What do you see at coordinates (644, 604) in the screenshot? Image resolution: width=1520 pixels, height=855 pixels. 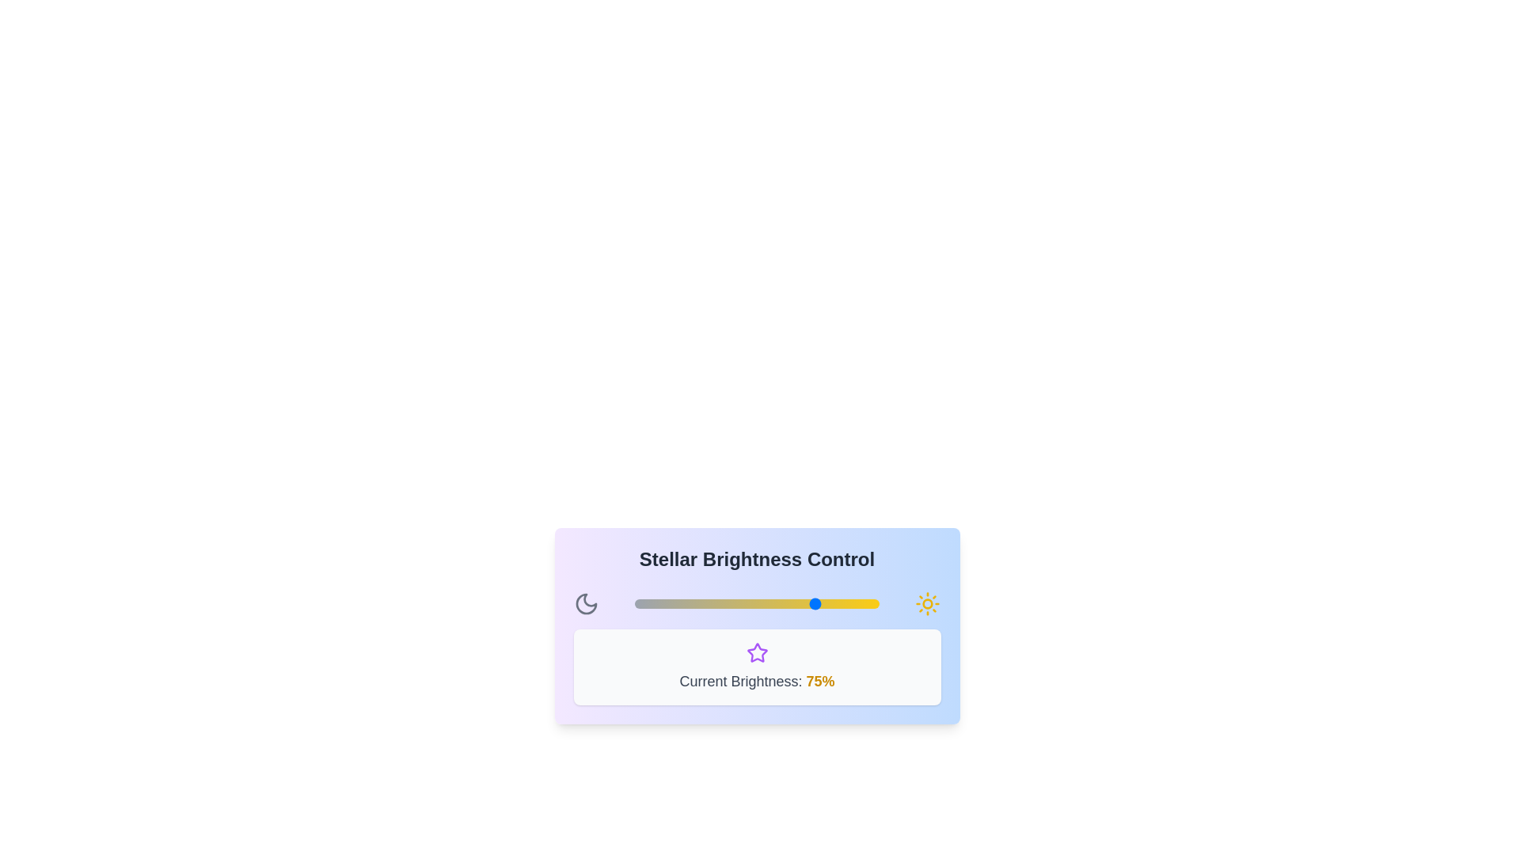 I see `the slider to set the brightness to 4%` at bounding box center [644, 604].